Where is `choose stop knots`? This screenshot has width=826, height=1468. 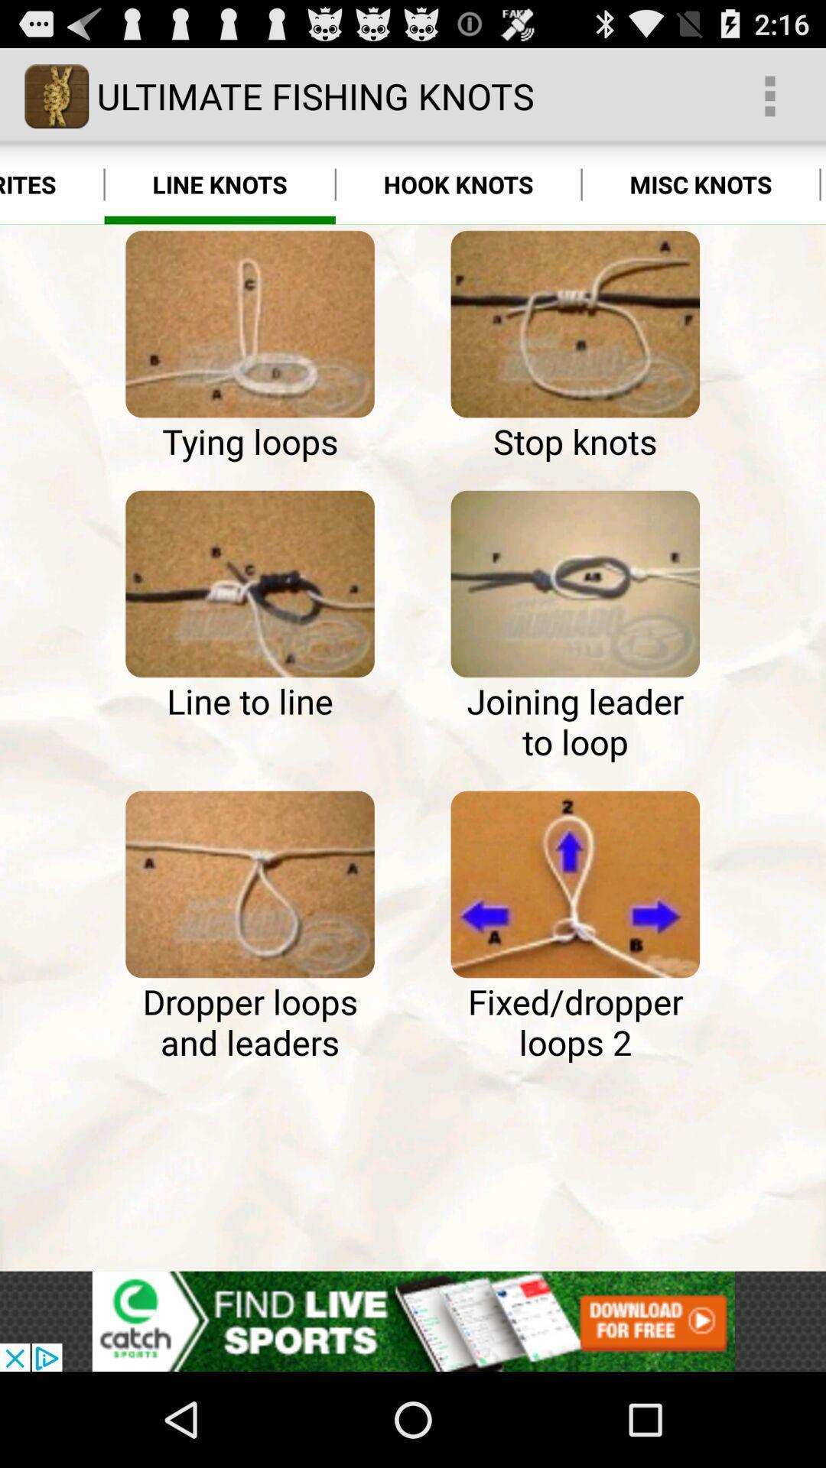
choose stop knots is located at coordinates (575, 323).